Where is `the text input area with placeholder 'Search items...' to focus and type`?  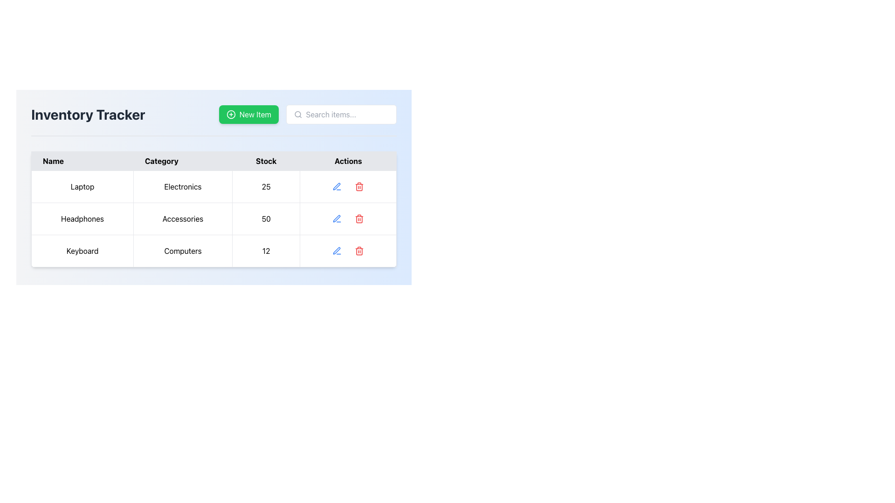
the text input area with placeholder 'Search items...' to focus and type is located at coordinates (341, 114).